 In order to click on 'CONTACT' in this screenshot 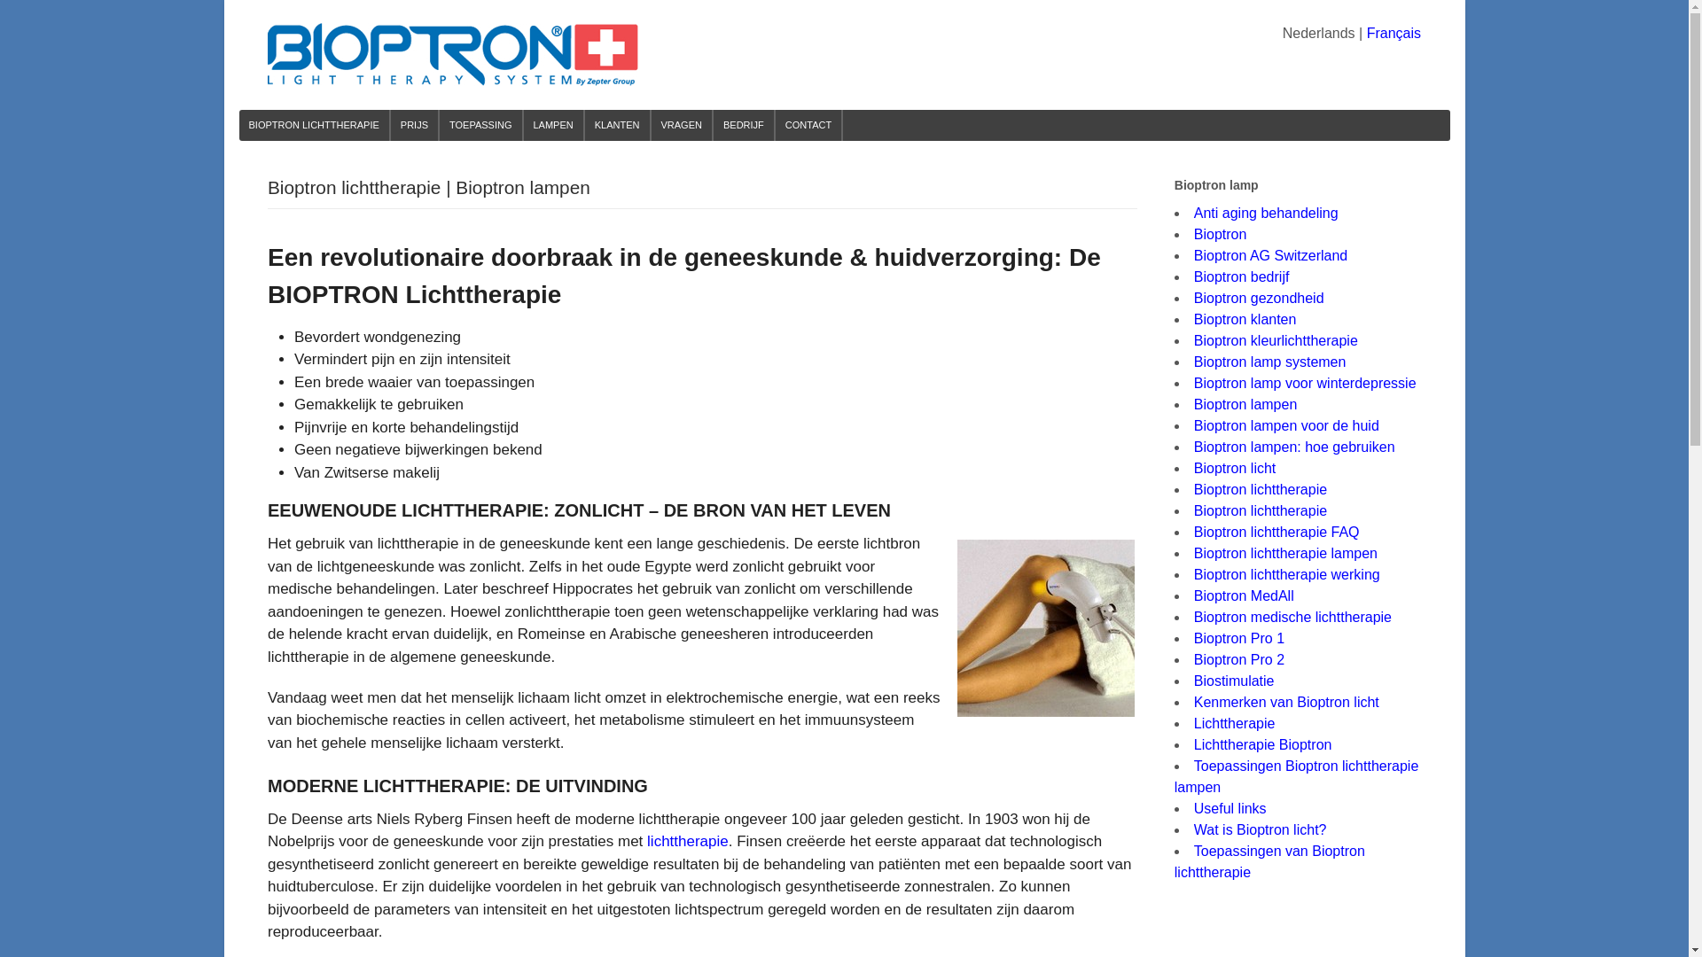, I will do `click(808, 124)`.